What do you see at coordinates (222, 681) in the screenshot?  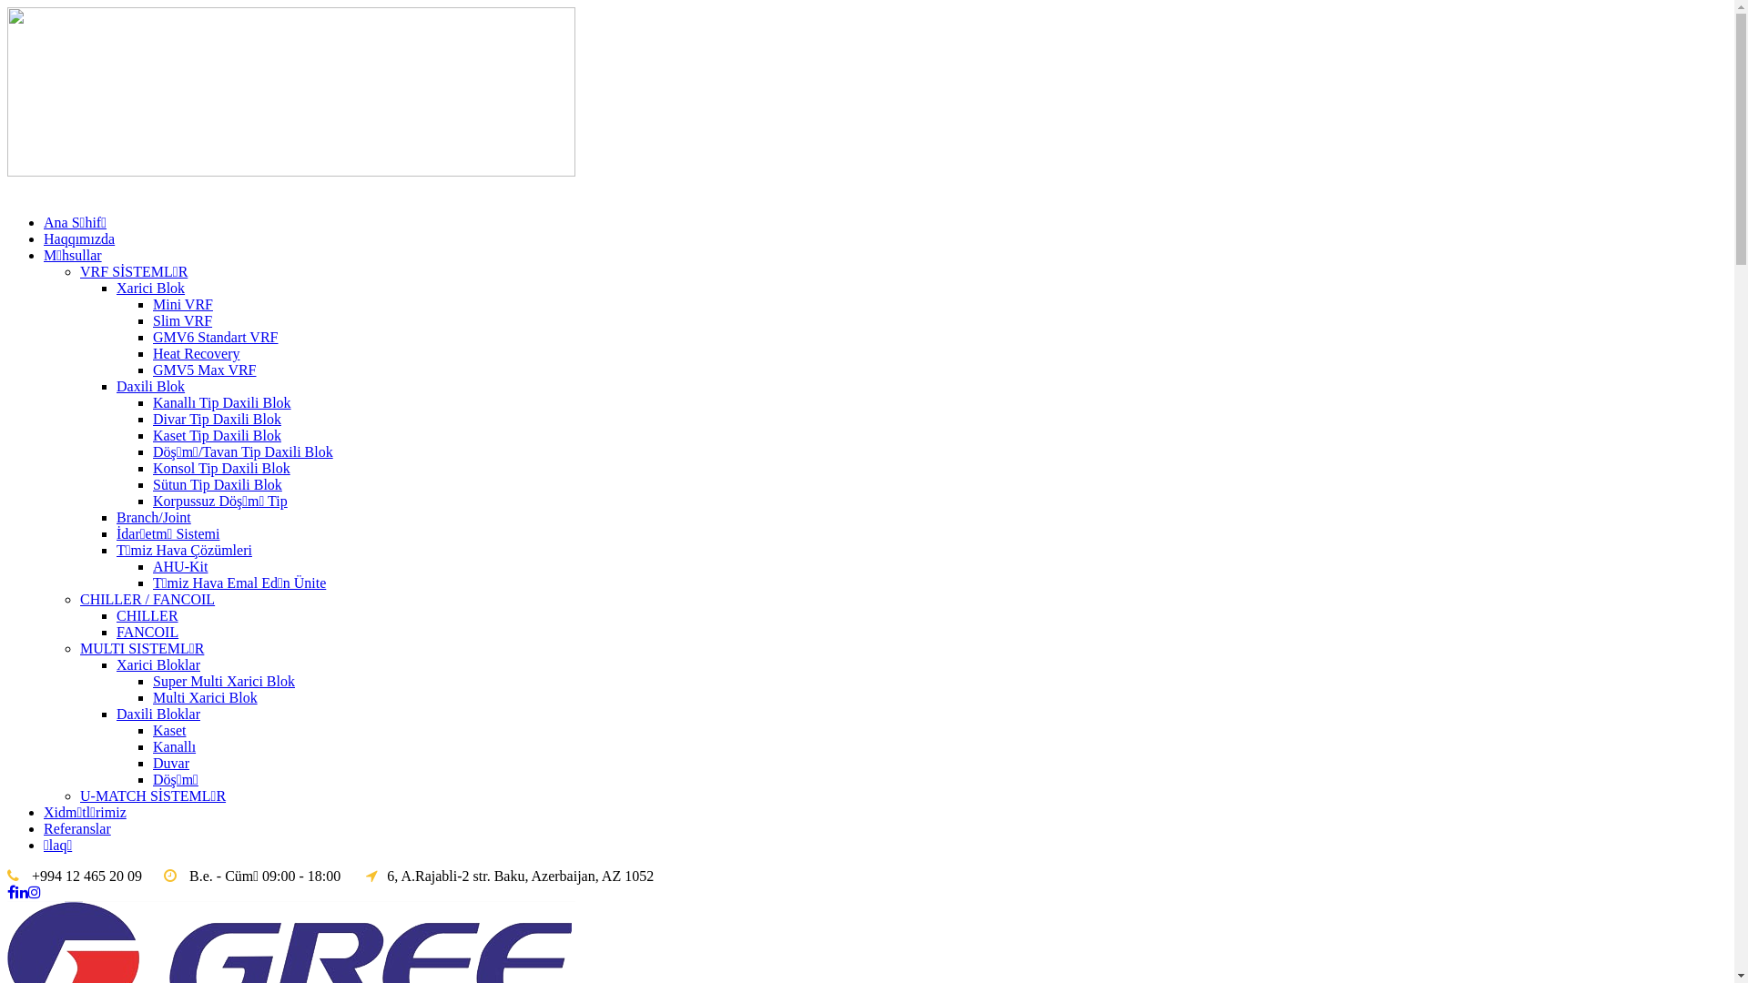 I see `'Super Multi Xarici Blok'` at bounding box center [222, 681].